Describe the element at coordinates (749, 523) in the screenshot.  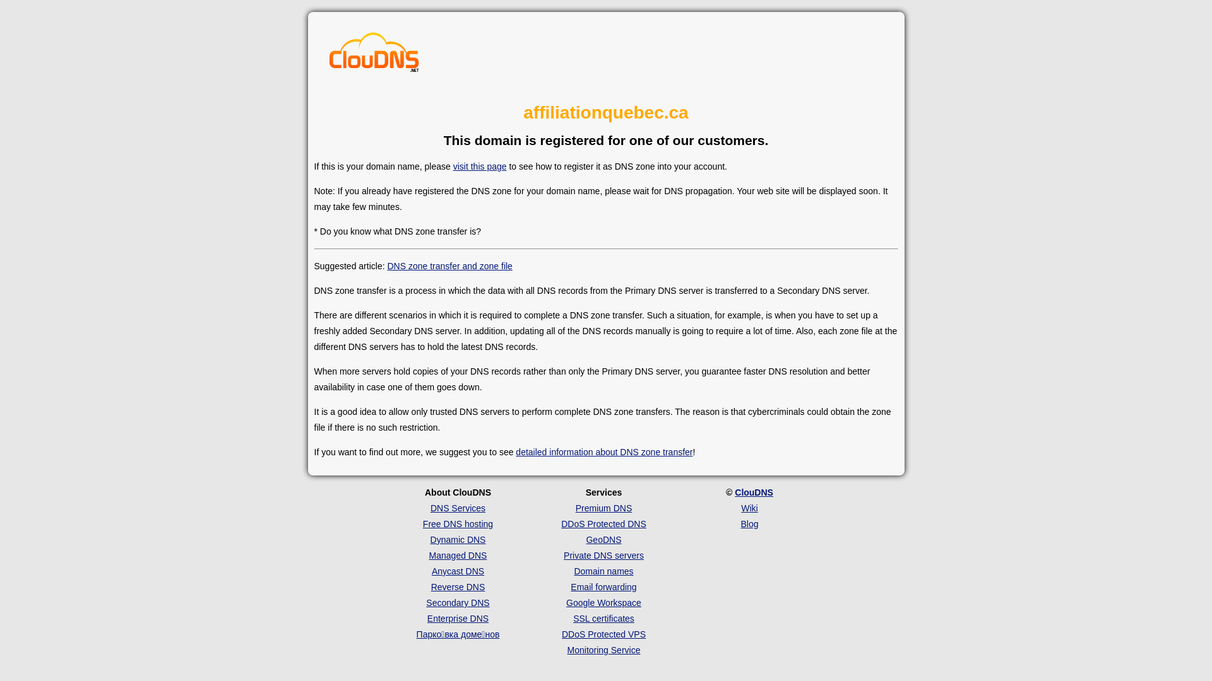
I see `'Blog'` at that location.